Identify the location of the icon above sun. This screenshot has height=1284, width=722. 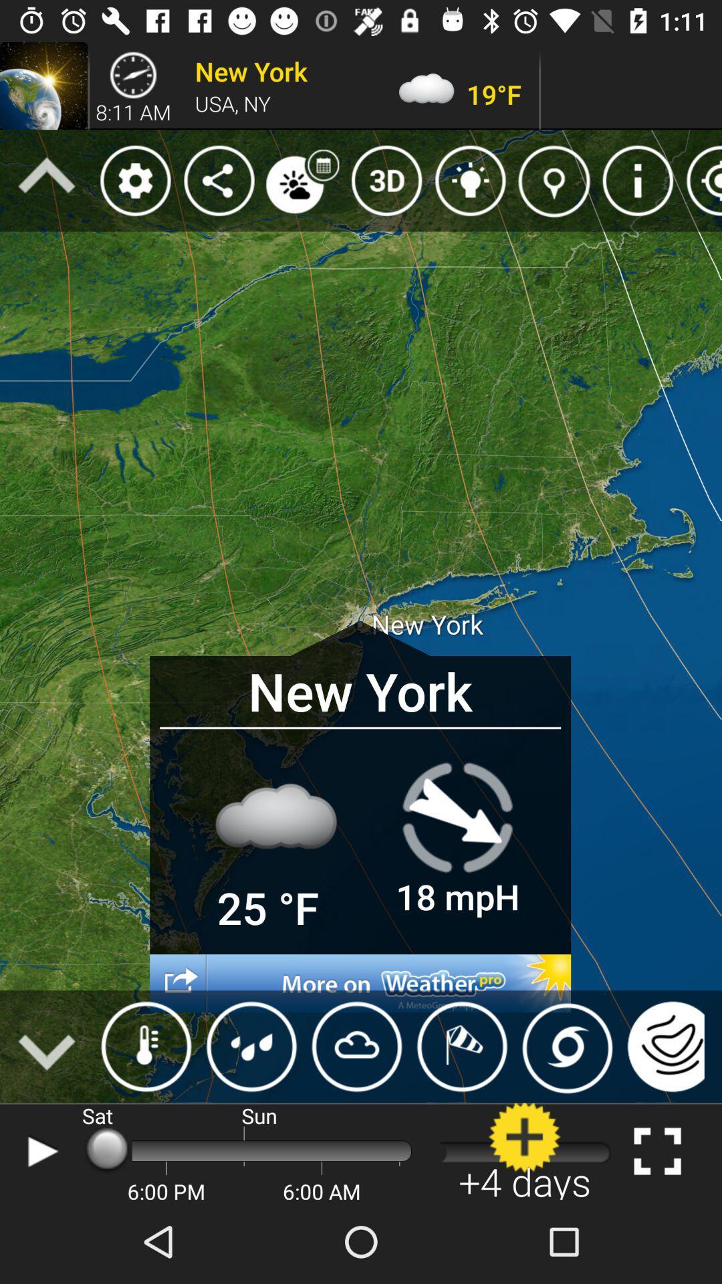
(251, 1046).